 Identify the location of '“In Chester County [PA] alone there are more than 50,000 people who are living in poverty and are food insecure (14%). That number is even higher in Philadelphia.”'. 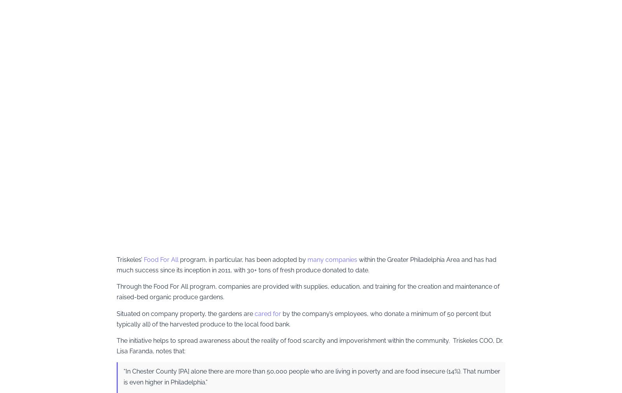
(311, 376).